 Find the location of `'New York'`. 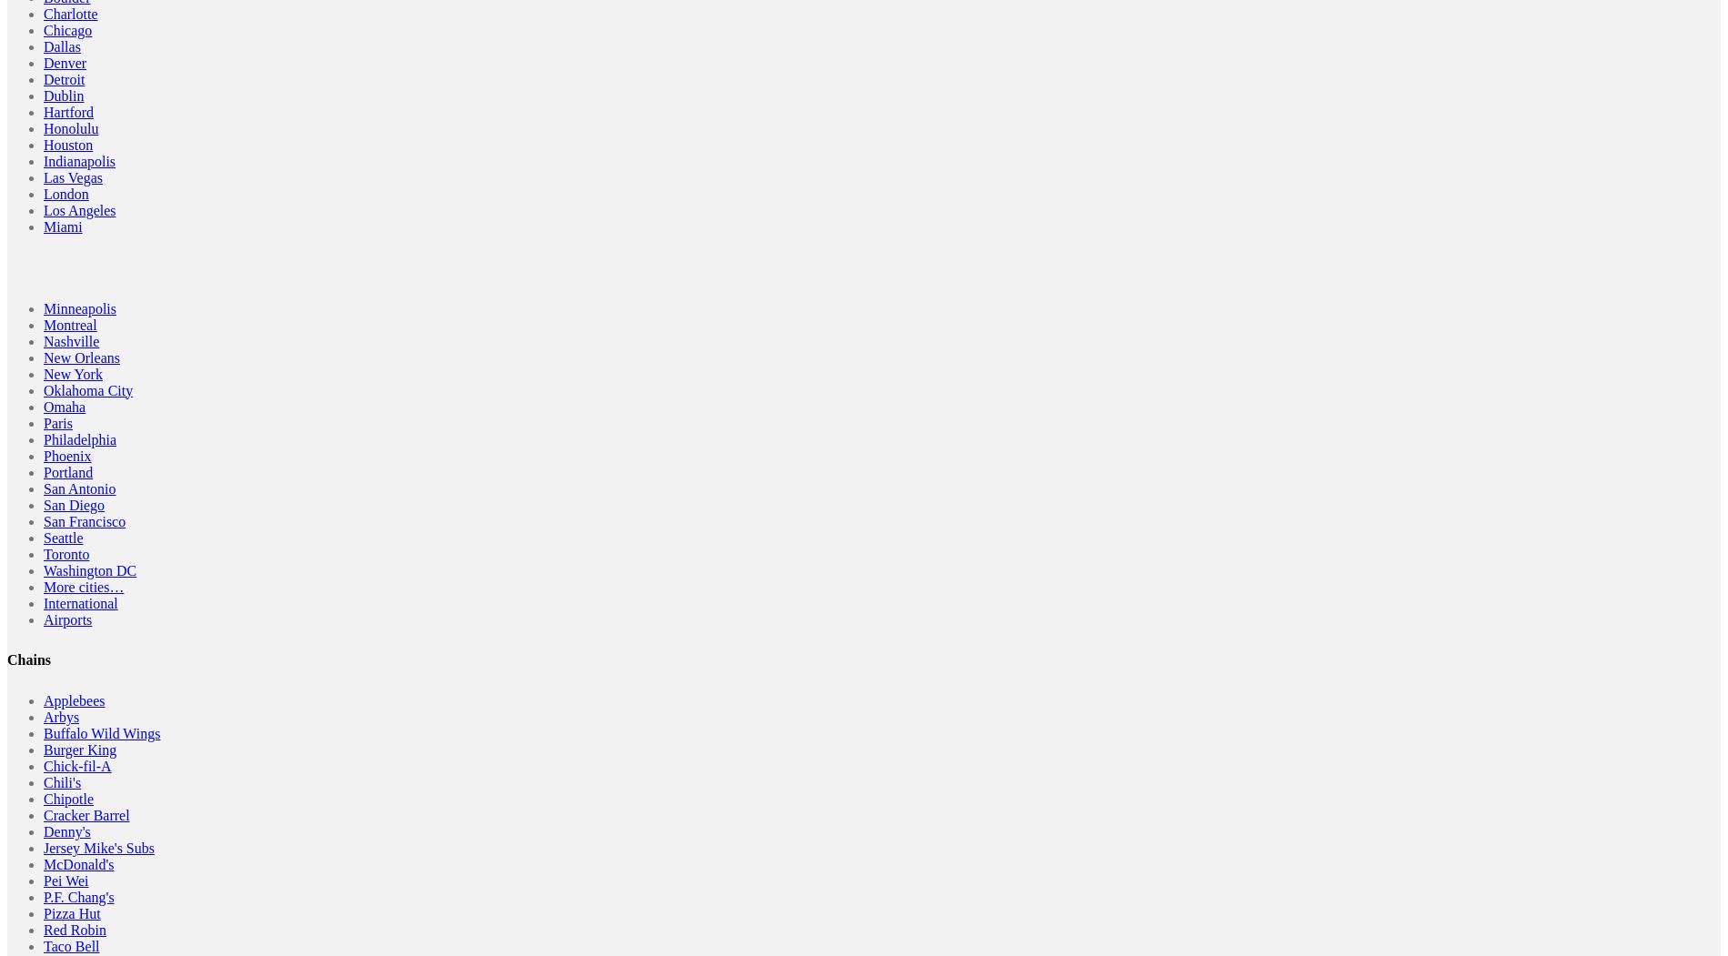

'New York' is located at coordinates (44, 373).